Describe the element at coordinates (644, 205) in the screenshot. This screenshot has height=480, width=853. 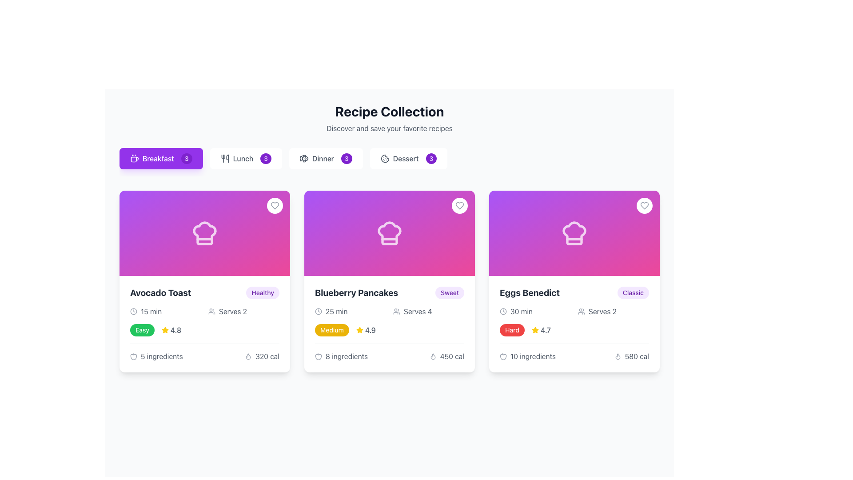
I see `the heart-shaped icon button with a grey outline located in the top-right corner of the 'Eggs Benedict' card in the third column of the recipe grid` at that location.